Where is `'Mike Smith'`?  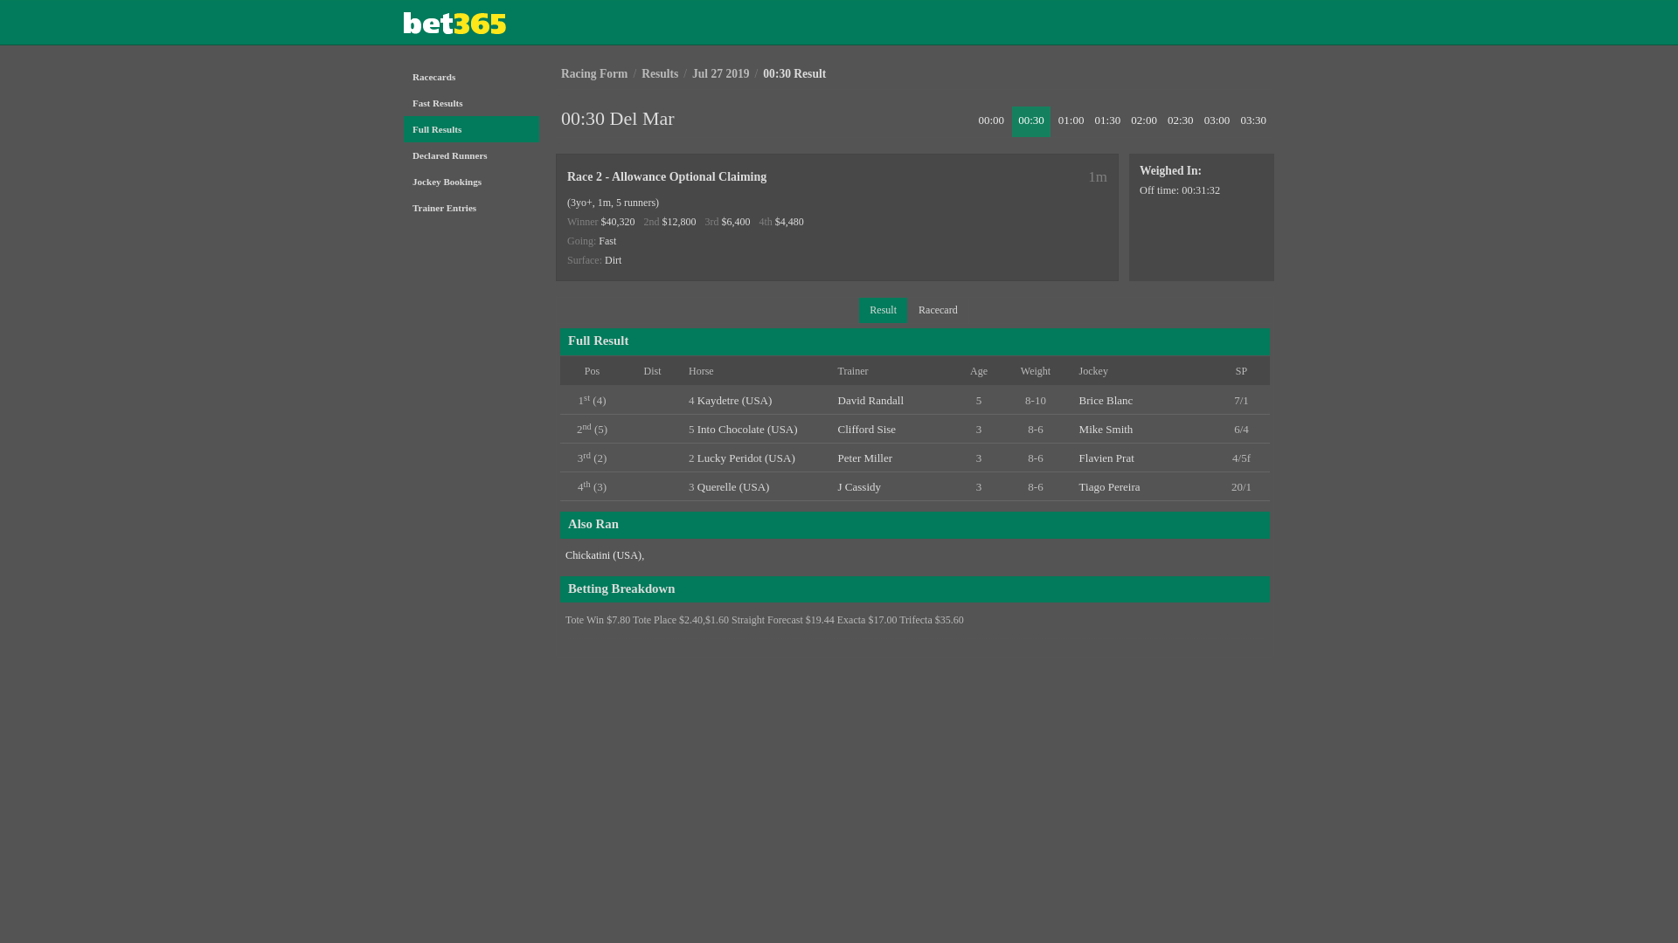 'Mike Smith' is located at coordinates (1106, 429).